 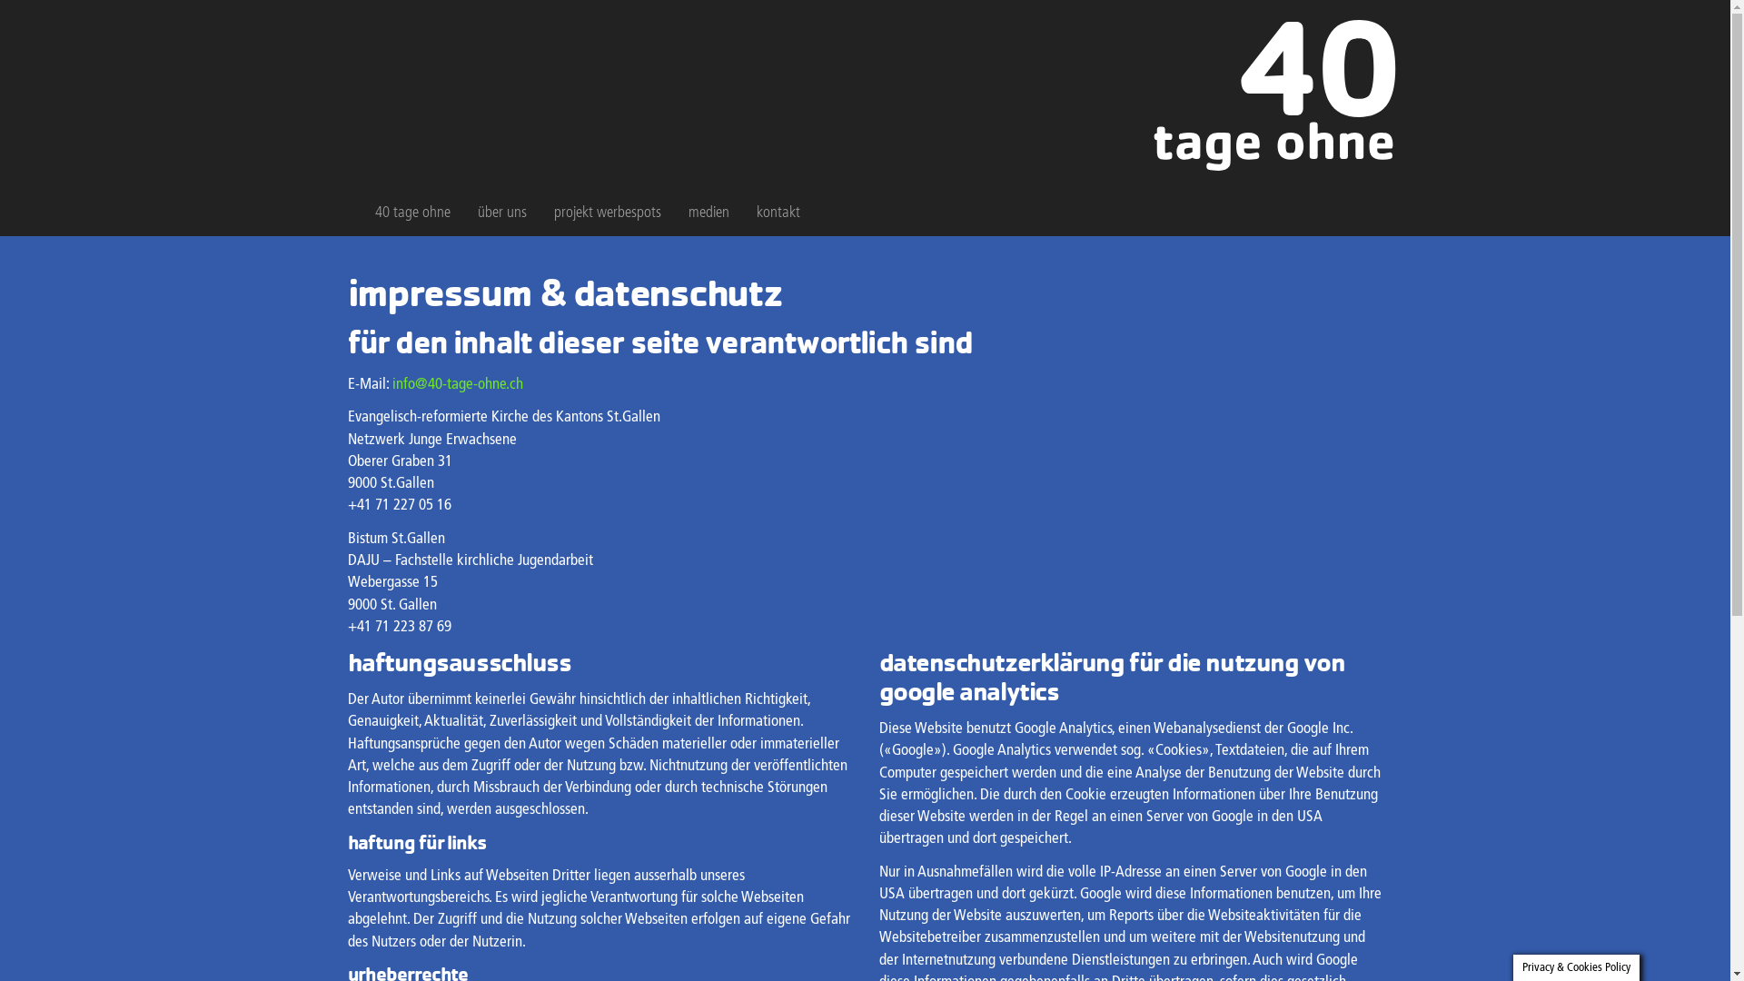 I want to click on 'kontakt', so click(x=778, y=213).